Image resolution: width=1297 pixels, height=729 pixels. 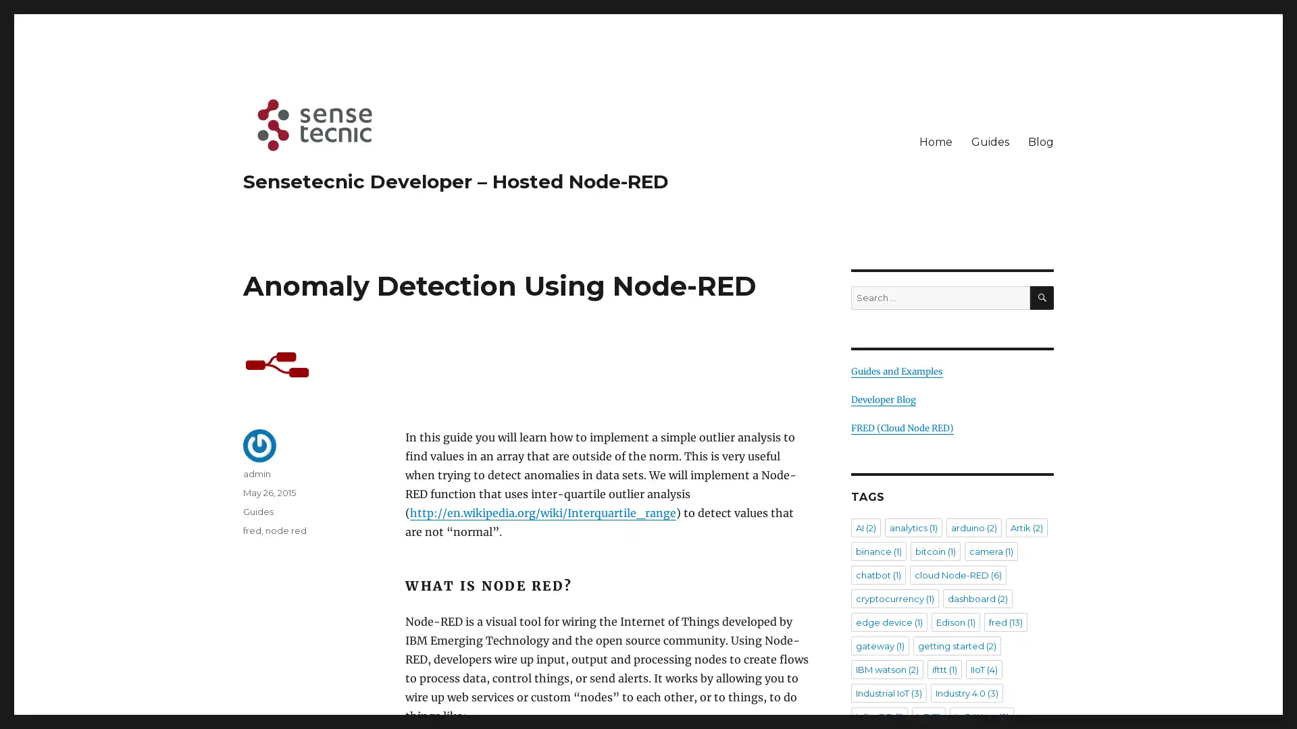 I want to click on SEARCH, so click(x=1041, y=297).